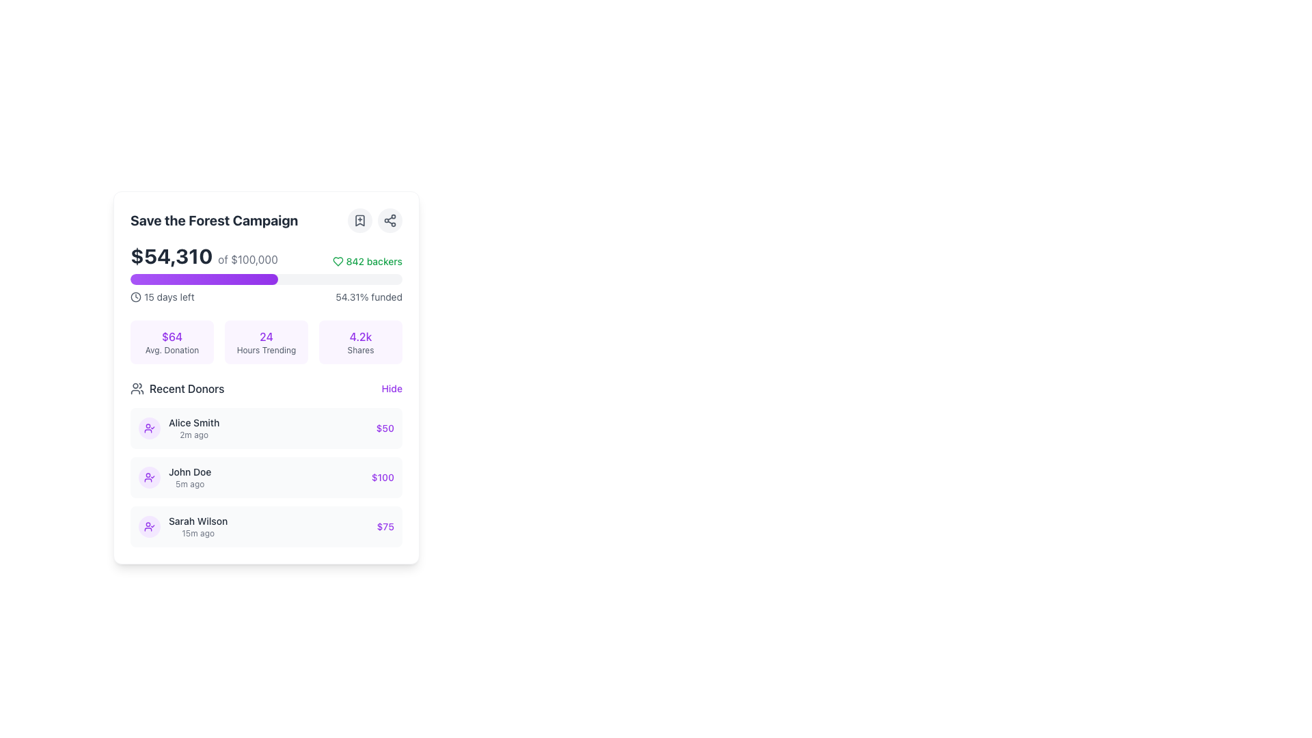  I want to click on the text label displaying 'Alice Smith' and the timestamp '2m ago', which is the first entry in the 'Recent Donors' list, located near the top within a white card, so click(193, 428).